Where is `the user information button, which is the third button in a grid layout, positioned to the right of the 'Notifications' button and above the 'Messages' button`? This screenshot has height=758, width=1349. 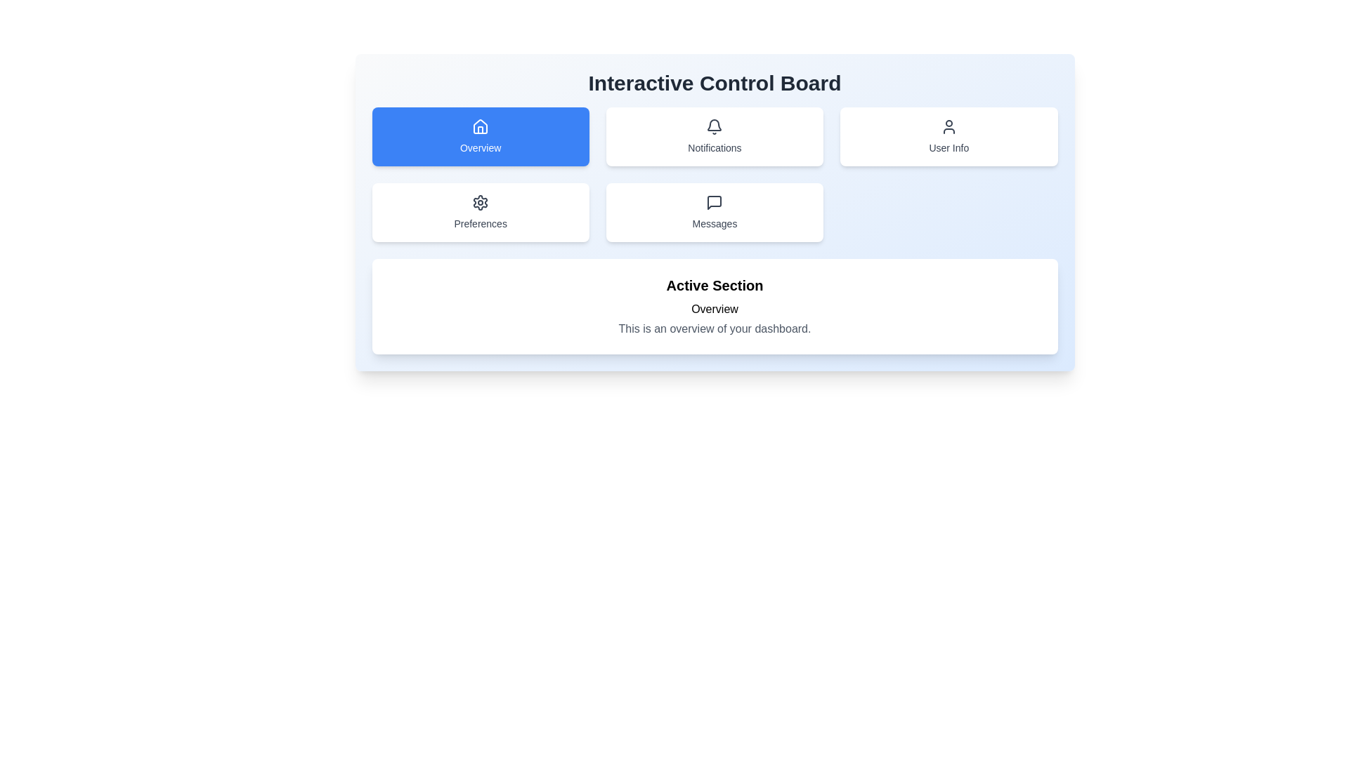 the user information button, which is the third button in a grid layout, positioned to the right of the 'Notifications' button and above the 'Messages' button is located at coordinates (949, 137).